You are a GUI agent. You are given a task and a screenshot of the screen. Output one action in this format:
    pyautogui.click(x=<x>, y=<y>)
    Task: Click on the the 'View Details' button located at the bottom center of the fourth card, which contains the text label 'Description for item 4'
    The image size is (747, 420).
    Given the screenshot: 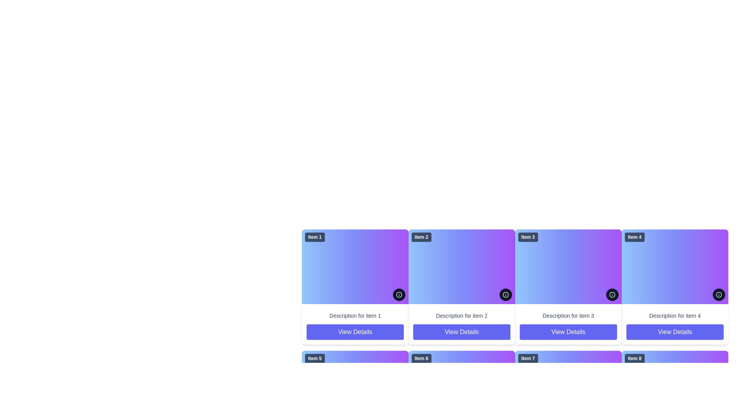 What is the action you would take?
    pyautogui.click(x=674, y=324)
    